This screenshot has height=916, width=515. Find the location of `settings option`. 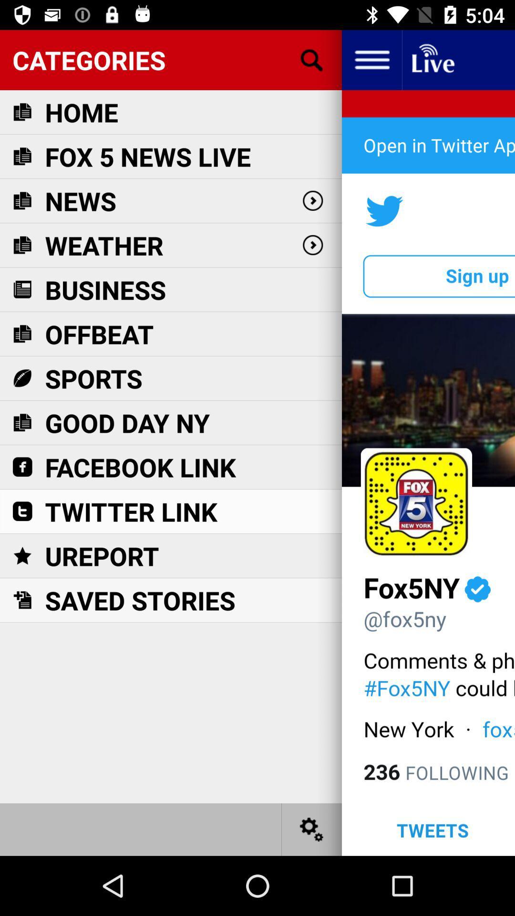

settings option is located at coordinates (312, 829).